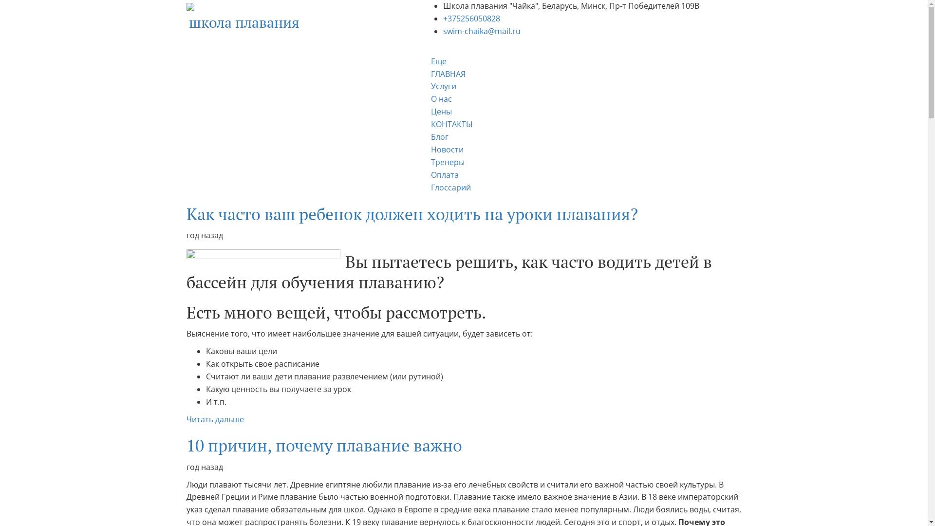 This screenshot has width=935, height=526. Describe the element at coordinates (471, 19) in the screenshot. I see `'+375256050828'` at that location.